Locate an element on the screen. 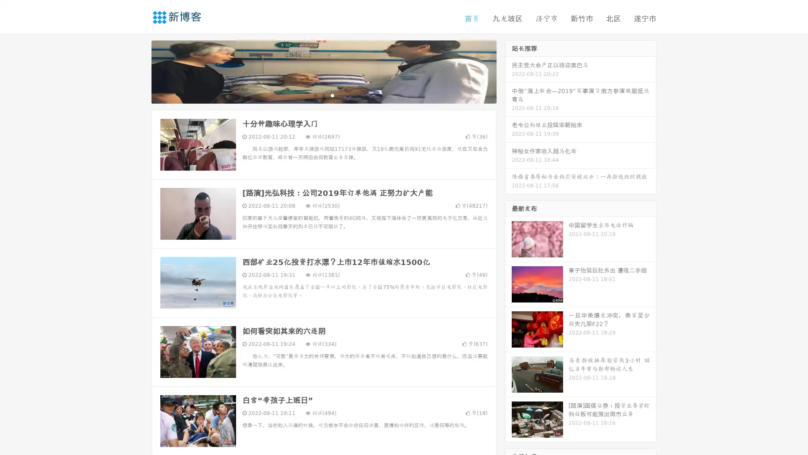 The image size is (808, 455). Previous slide is located at coordinates (139, 71).